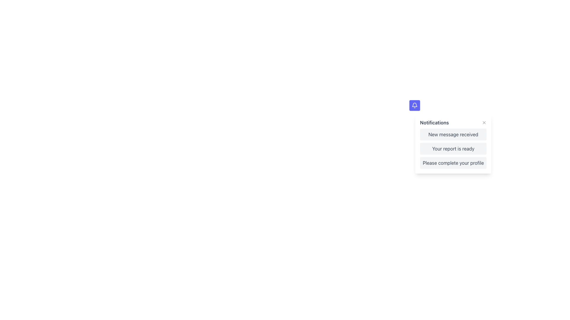 The height and width of the screenshot is (320, 570). What do you see at coordinates (414, 105) in the screenshot?
I see `the notification button located at the top-right corner of the interface` at bounding box center [414, 105].